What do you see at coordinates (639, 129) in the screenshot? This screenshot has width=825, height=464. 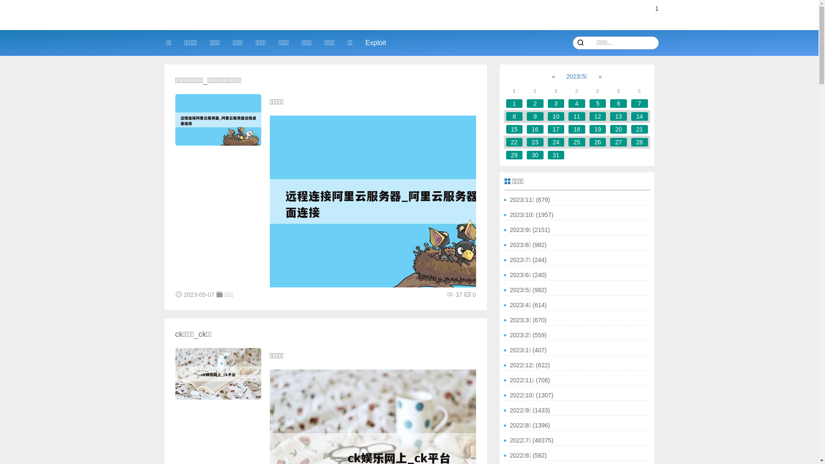 I see `'21'` at bounding box center [639, 129].